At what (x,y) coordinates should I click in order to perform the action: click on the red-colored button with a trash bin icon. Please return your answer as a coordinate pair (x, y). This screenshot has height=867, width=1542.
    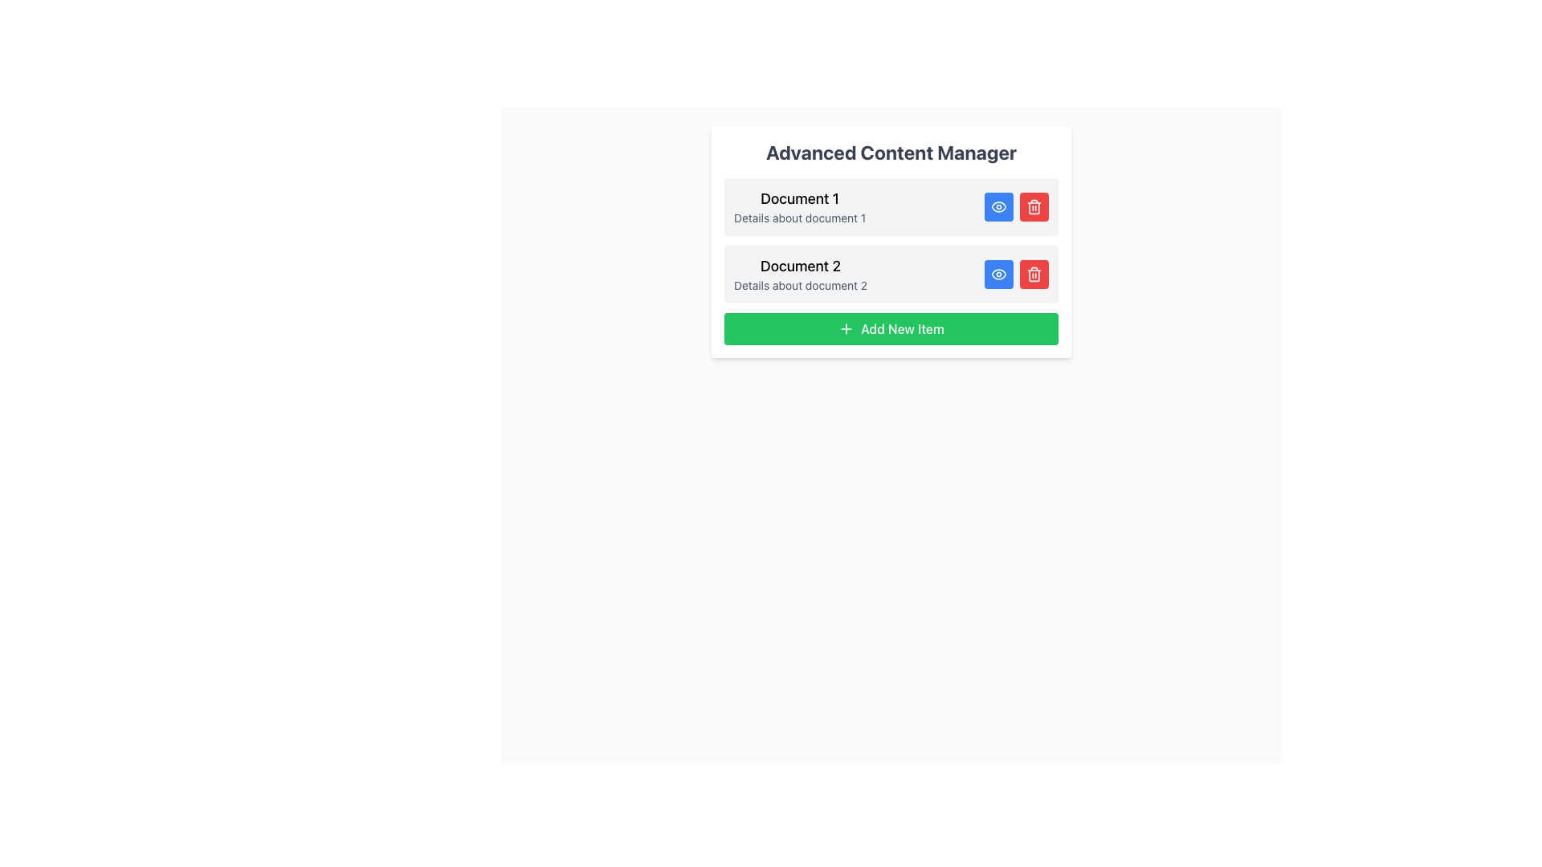
    Looking at the image, I should click on (1034, 274).